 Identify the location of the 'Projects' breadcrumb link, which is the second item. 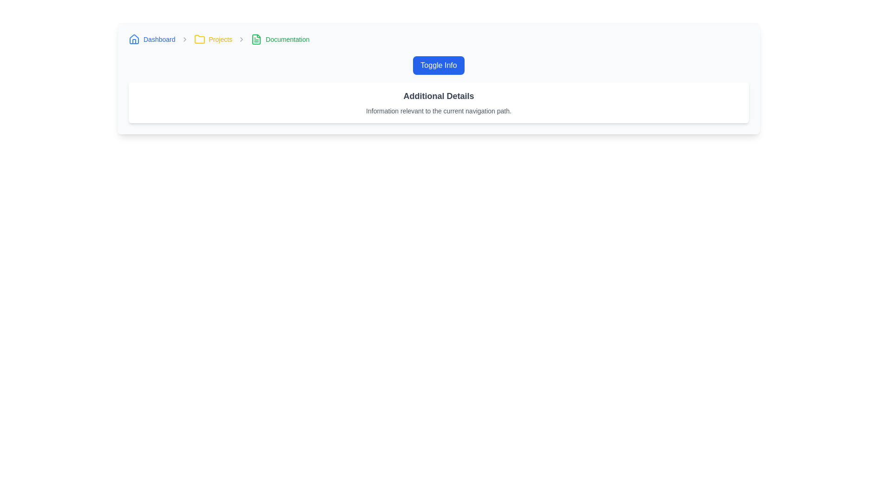
(212, 39).